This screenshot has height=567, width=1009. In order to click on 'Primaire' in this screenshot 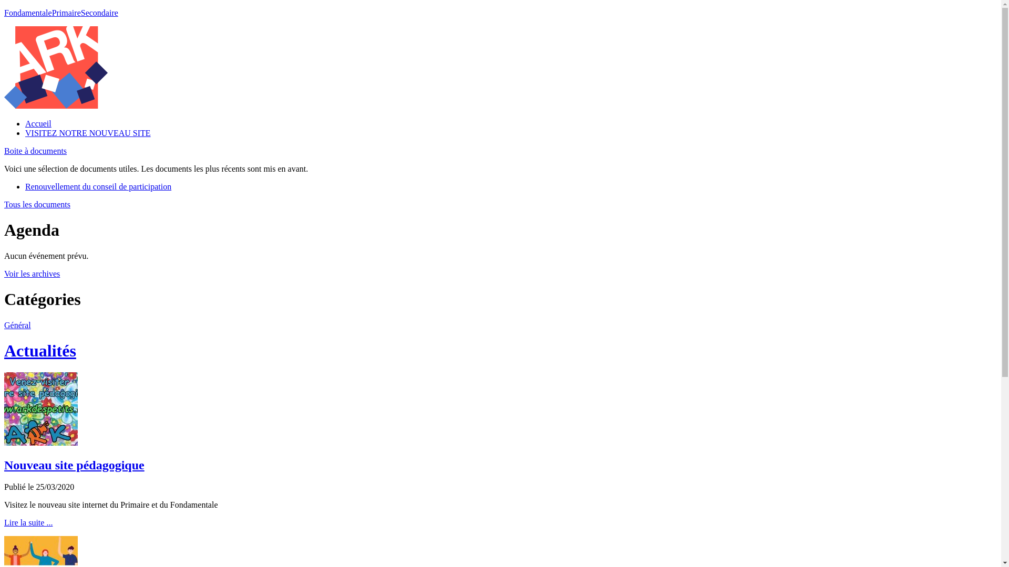, I will do `click(66, 13)`.